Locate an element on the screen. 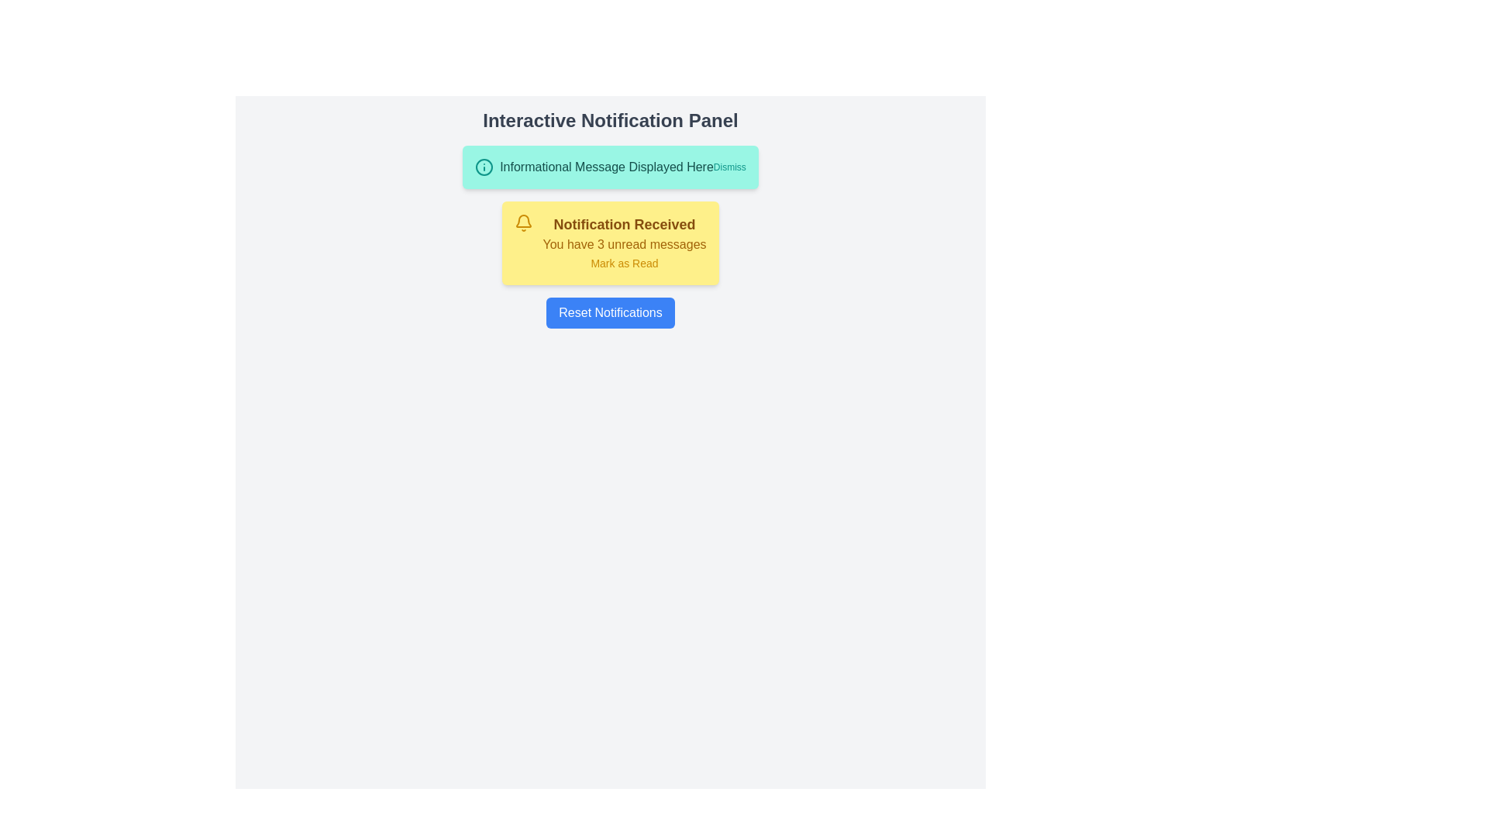 The image size is (1488, 837). the text label displaying 'Notification Received', which is styled in bold with a large dark yellow font, indicating a notification message is located at coordinates (625, 224).